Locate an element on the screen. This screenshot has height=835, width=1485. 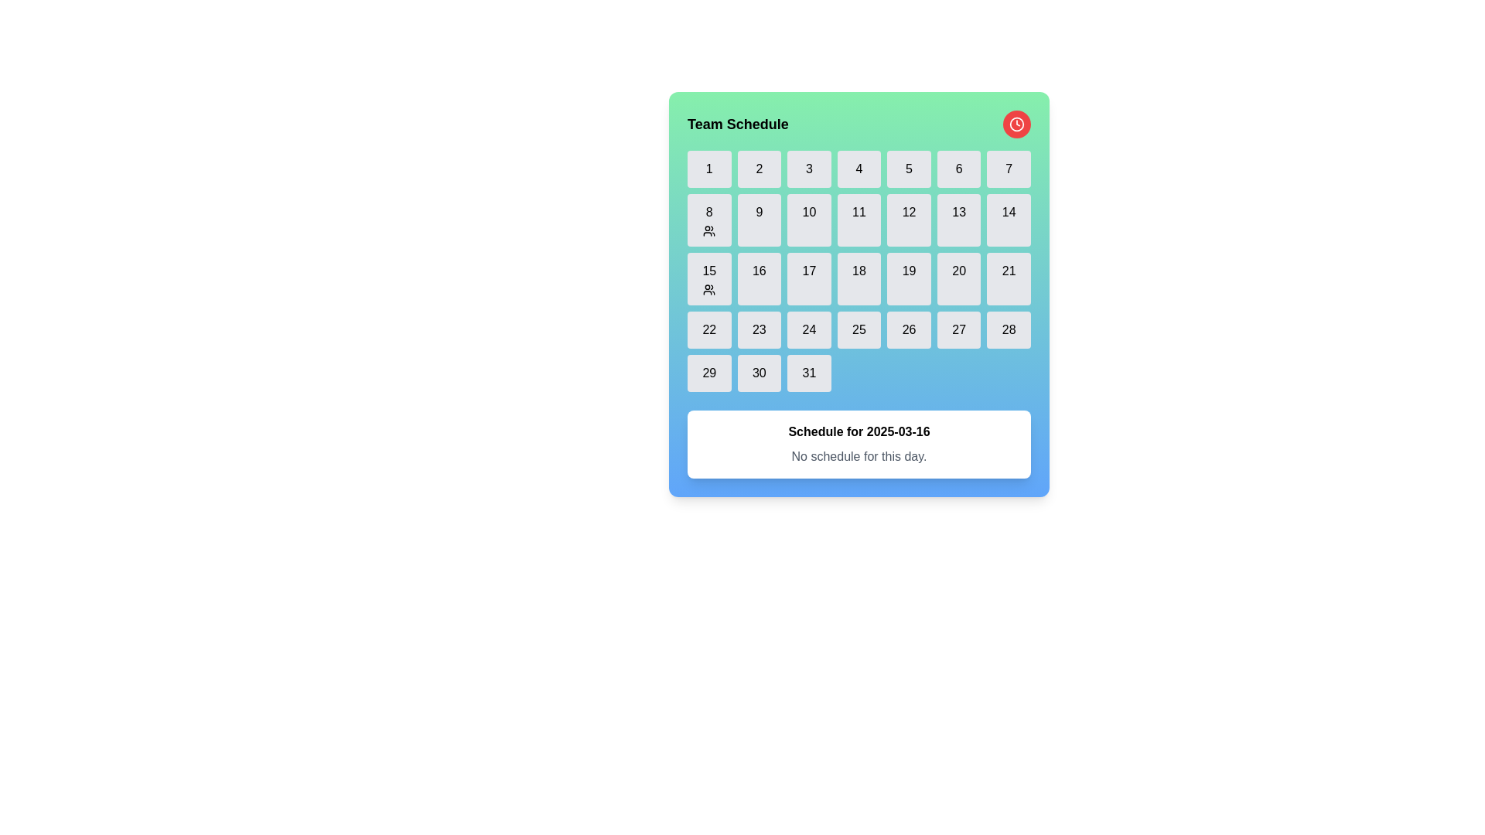
the informational box that indicates the schedule for the selected date, showing no events are scheduled is located at coordinates (858, 444).